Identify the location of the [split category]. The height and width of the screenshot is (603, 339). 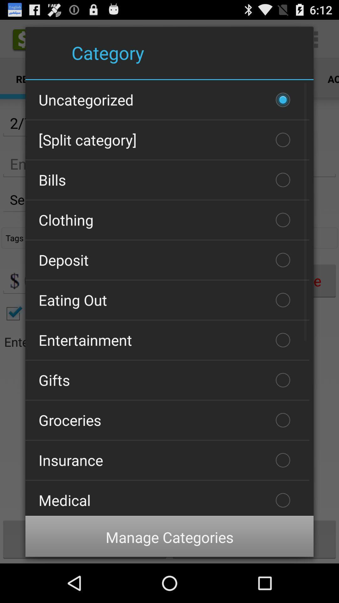
(167, 139).